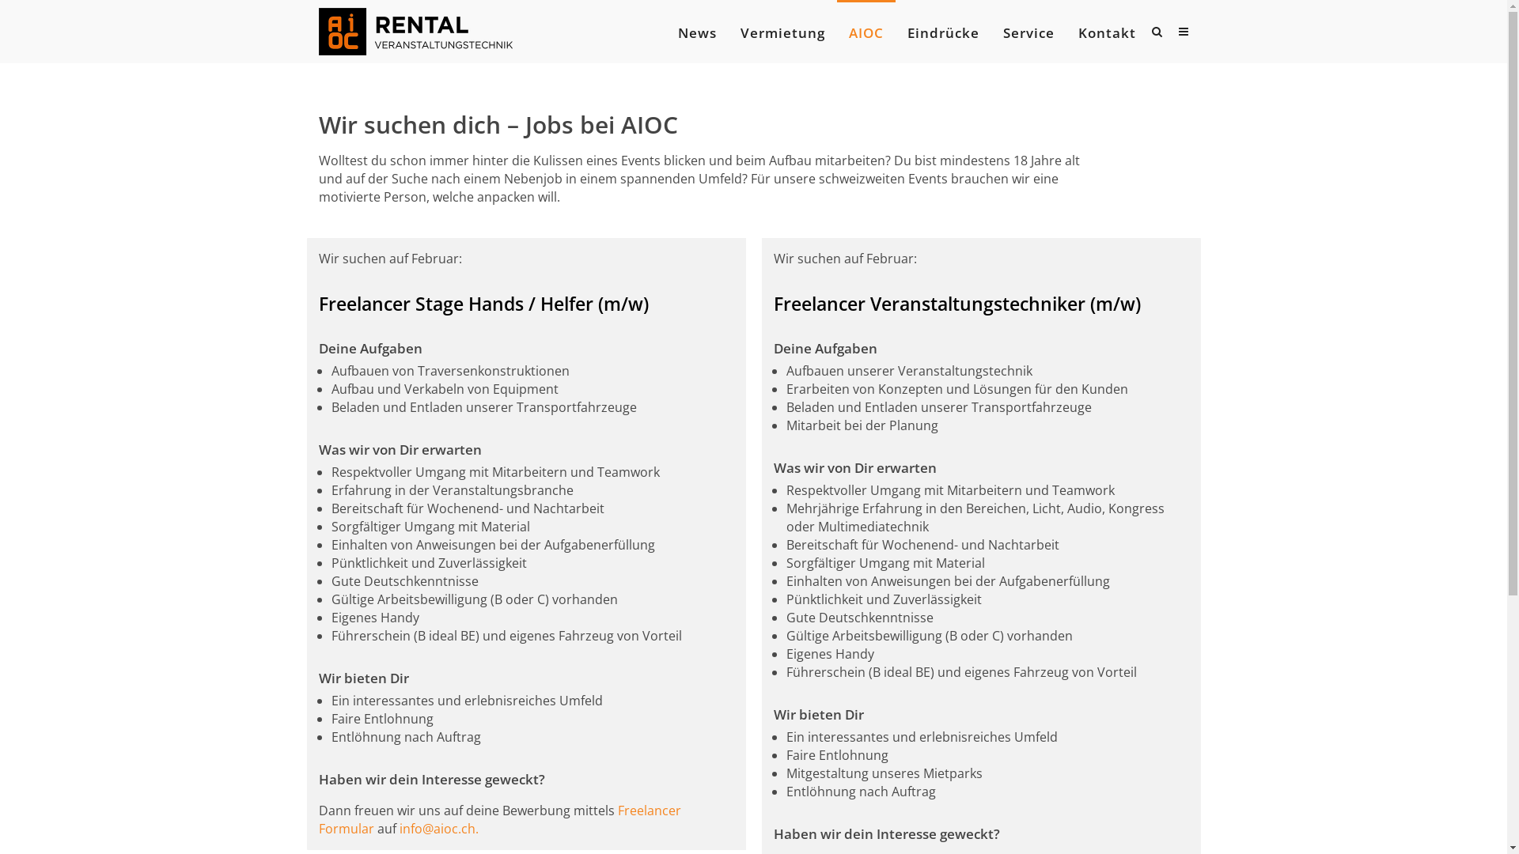  Describe the element at coordinates (696, 33) in the screenshot. I see `'News'` at that location.